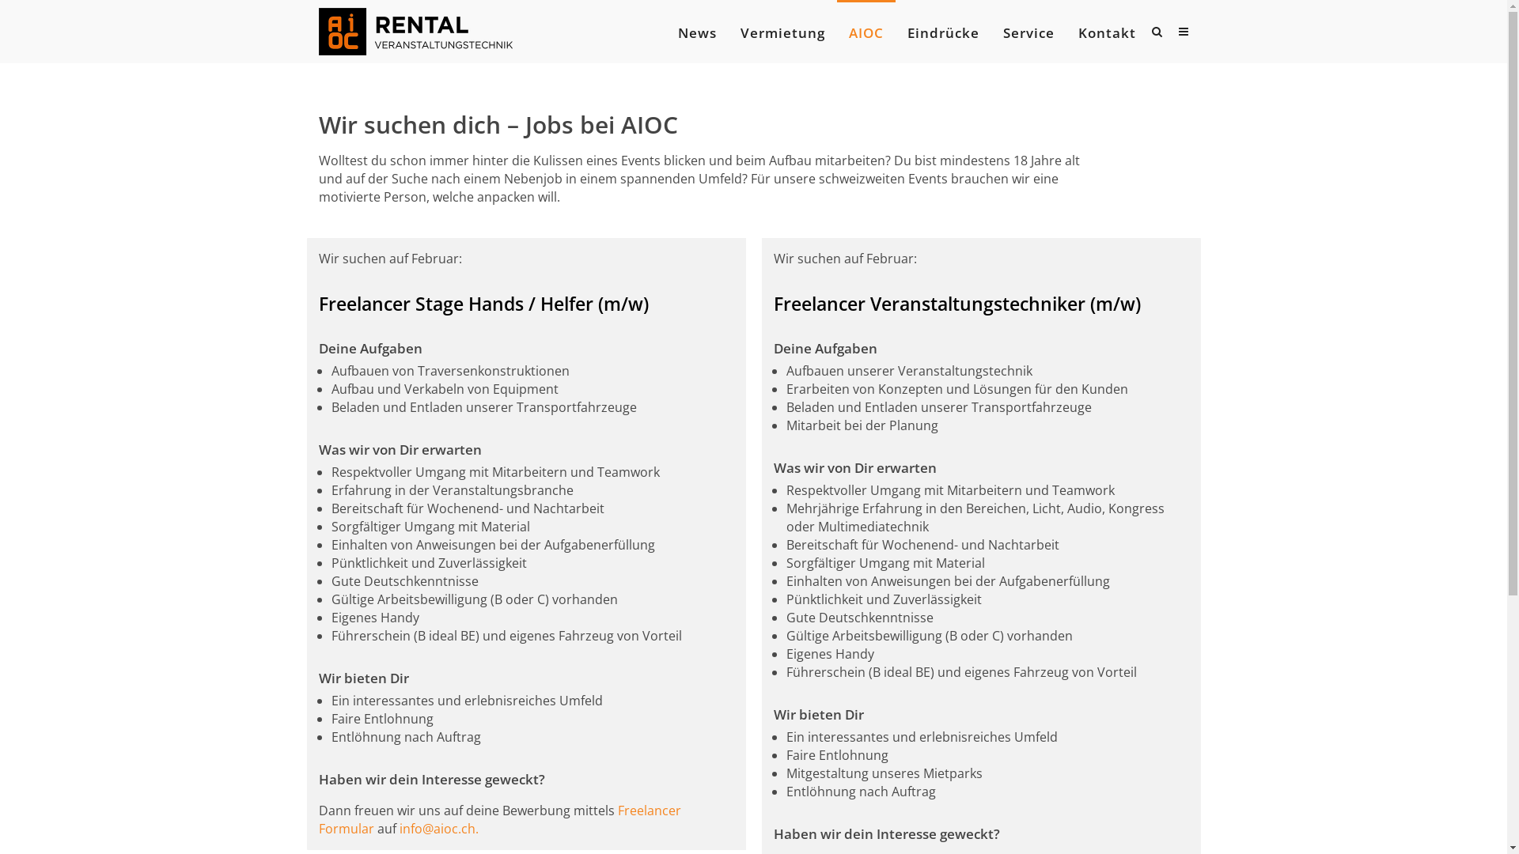  Describe the element at coordinates (696, 33) in the screenshot. I see `'News'` at that location.